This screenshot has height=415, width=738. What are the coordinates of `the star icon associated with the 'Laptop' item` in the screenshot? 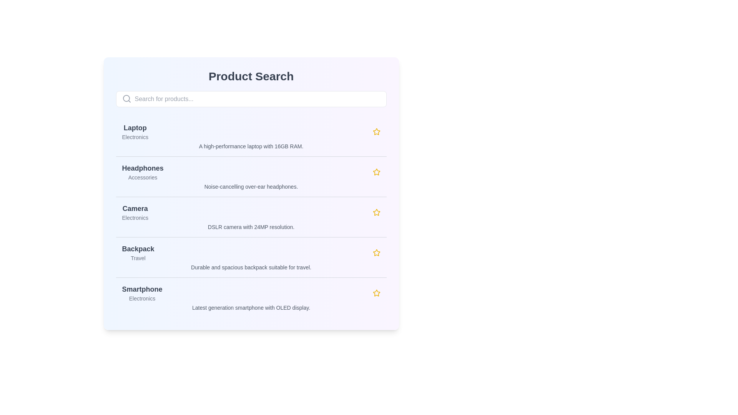 It's located at (376, 131).